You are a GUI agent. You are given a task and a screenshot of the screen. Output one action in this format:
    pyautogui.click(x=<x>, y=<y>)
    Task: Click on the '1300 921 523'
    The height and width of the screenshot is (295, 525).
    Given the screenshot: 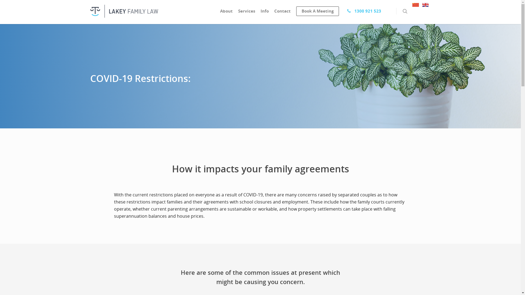 What is the action you would take?
    pyautogui.click(x=344, y=13)
    